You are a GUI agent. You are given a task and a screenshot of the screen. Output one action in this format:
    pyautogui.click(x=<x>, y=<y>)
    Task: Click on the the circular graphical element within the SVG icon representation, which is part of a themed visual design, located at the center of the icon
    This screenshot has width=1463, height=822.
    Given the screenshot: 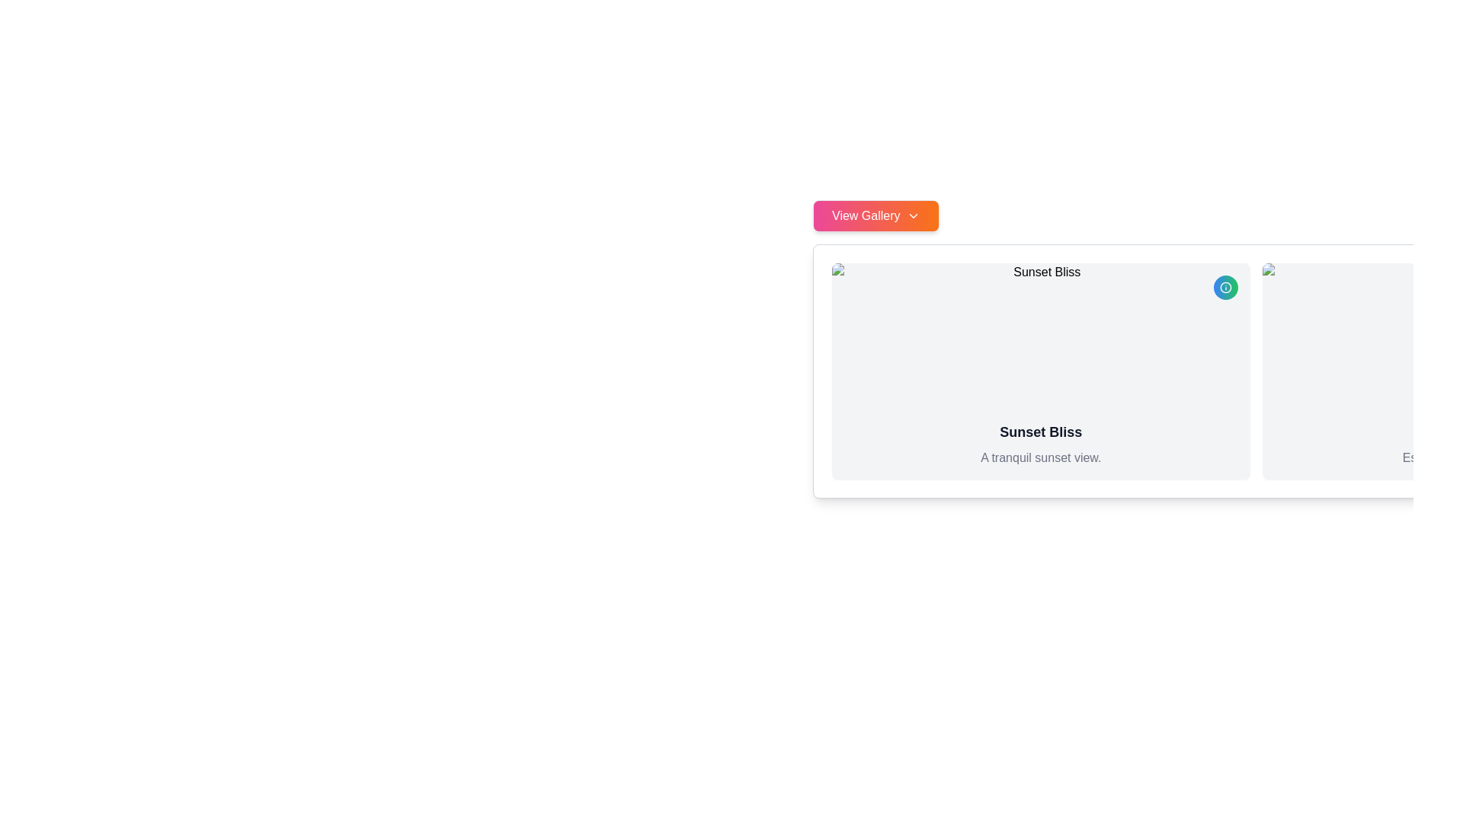 What is the action you would take?
    pyautogui.click(x=1225, y=288)
    